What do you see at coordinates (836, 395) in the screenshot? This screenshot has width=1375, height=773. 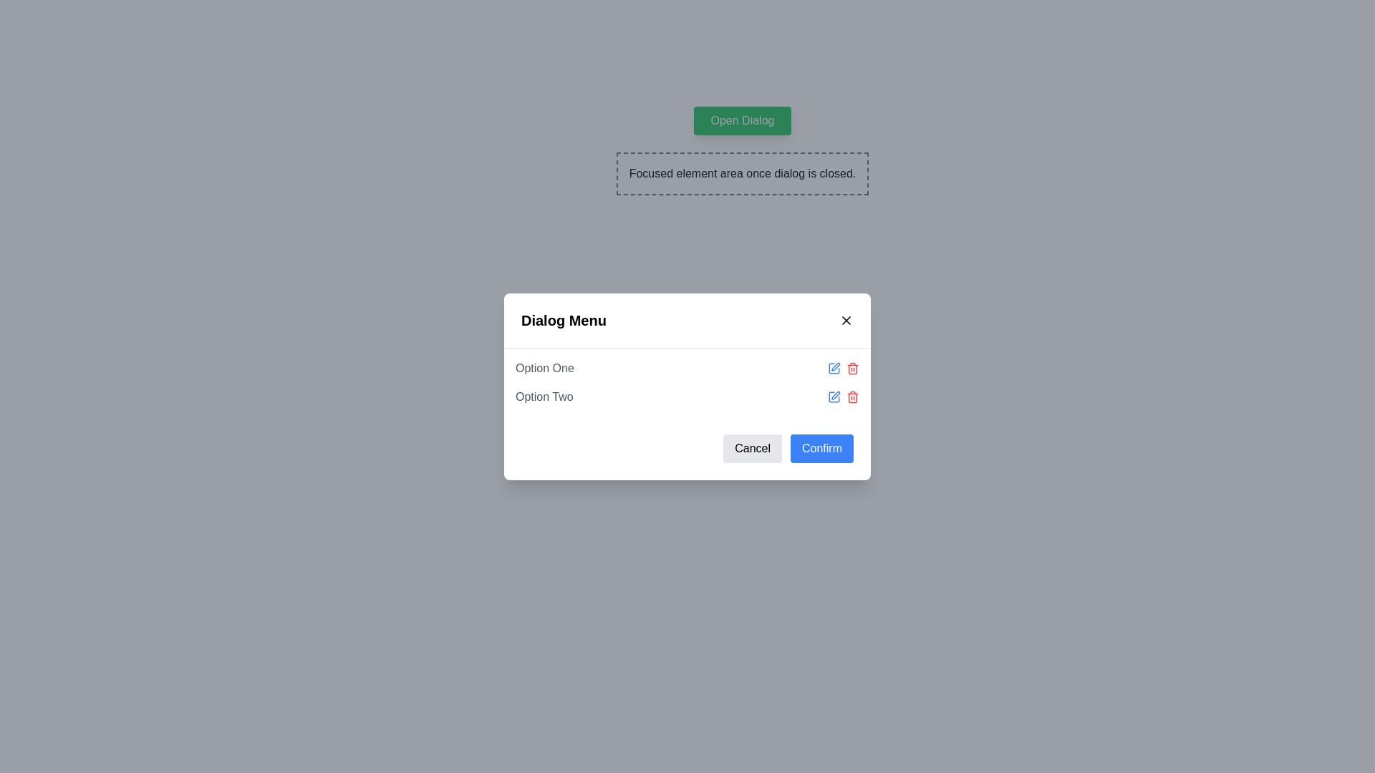 I see `the edit icon button located on the right side of the row labeled 'Option Two' in the dialog menu` at bounding box center [836, 395].